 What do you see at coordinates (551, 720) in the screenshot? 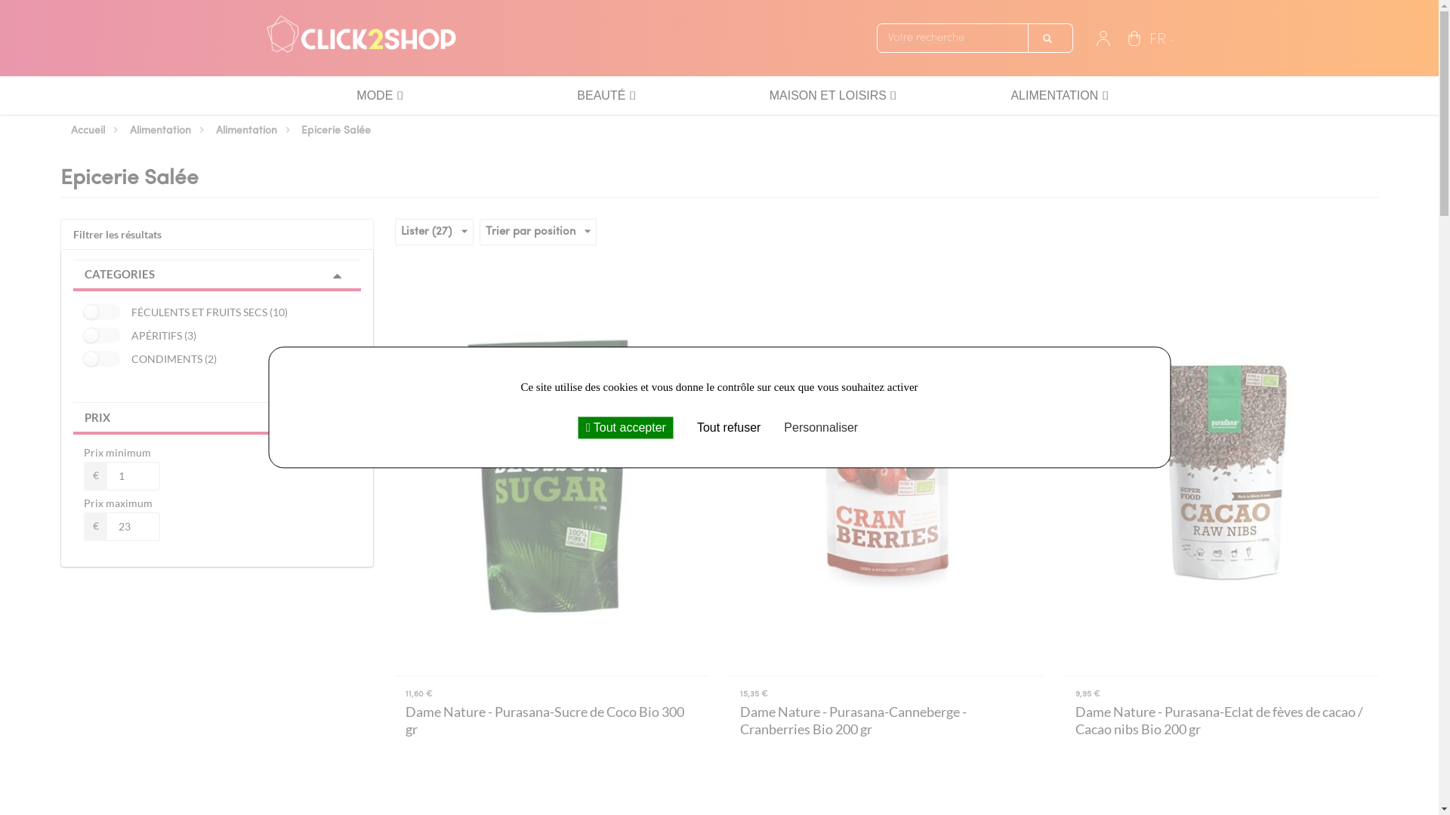
I see `'Dame Nature - Purasana-Sucre de Coco Bio 300 gr'` at bounding box center [551, 720].